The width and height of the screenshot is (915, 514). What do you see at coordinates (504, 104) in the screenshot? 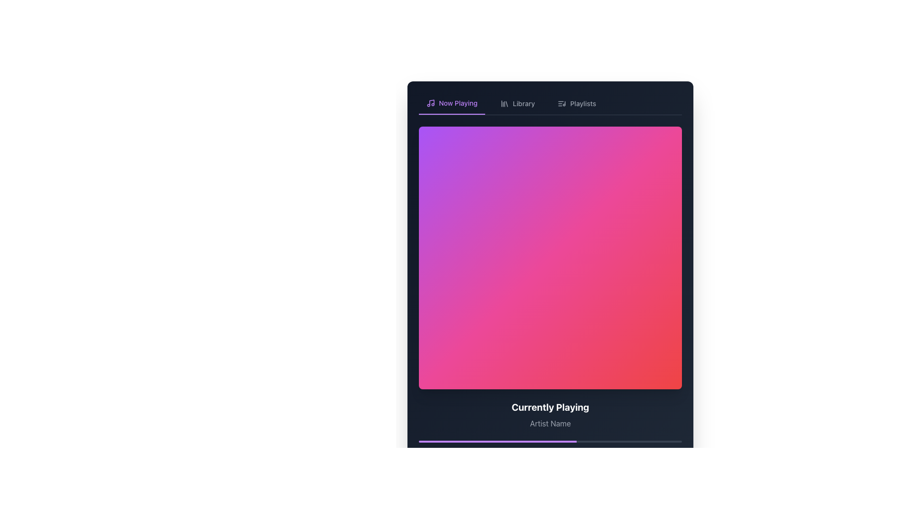
I see `the 'Library' navigation icon located in the top navigation bar, positioned between 'Now Playing' and 'Playlists'` at bounding box center [504, 104].